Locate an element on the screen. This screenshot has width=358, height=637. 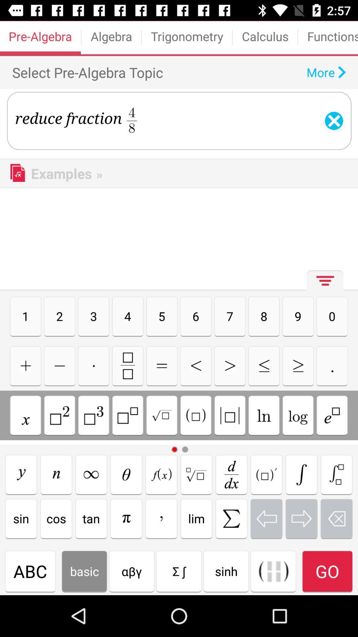
symbol is located at coordinates (25, 365).